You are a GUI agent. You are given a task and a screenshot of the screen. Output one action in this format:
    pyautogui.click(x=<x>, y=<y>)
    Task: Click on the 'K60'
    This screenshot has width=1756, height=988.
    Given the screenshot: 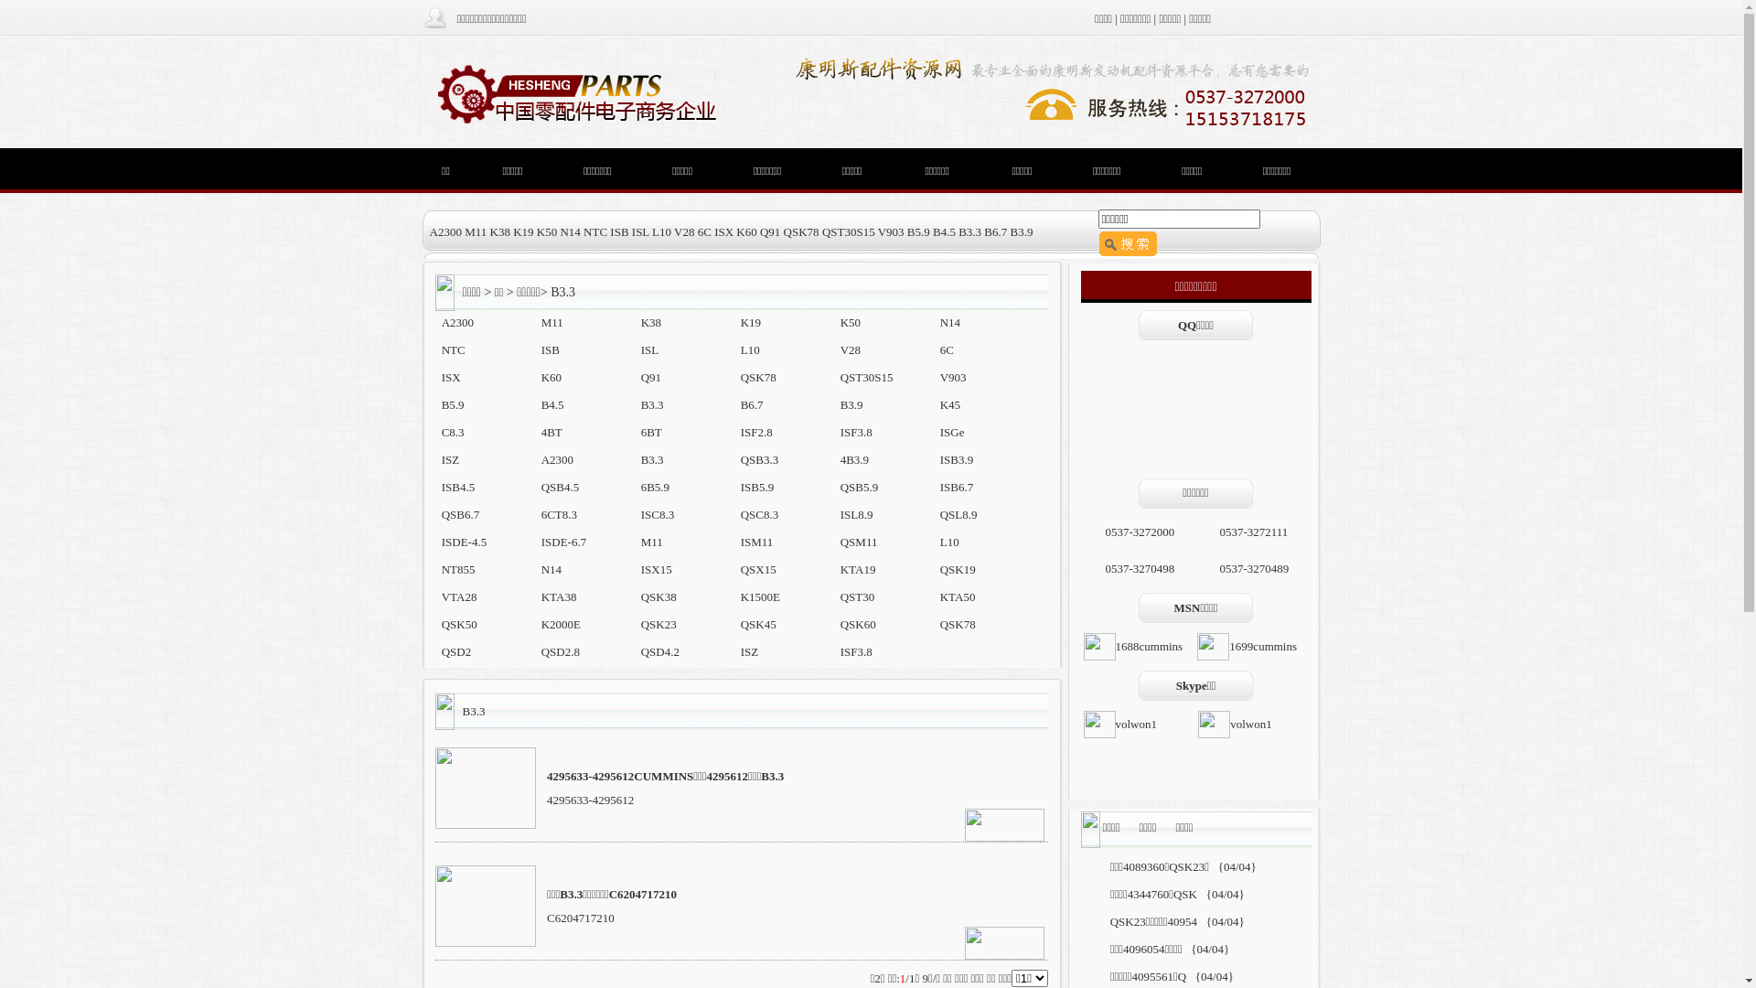 What is the action you would take?
    pyautogui.click(x=551, y=376)
    